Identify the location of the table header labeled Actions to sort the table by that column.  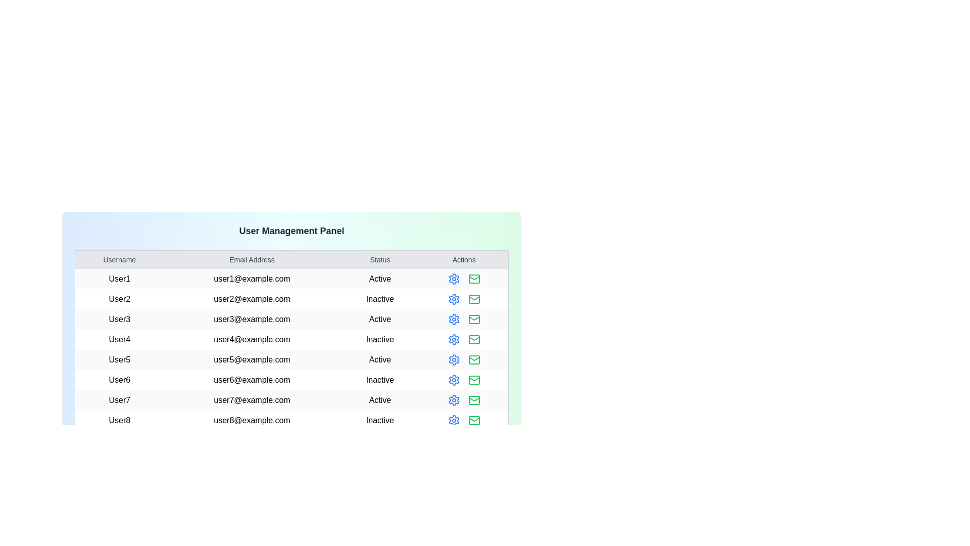
(463, 259).